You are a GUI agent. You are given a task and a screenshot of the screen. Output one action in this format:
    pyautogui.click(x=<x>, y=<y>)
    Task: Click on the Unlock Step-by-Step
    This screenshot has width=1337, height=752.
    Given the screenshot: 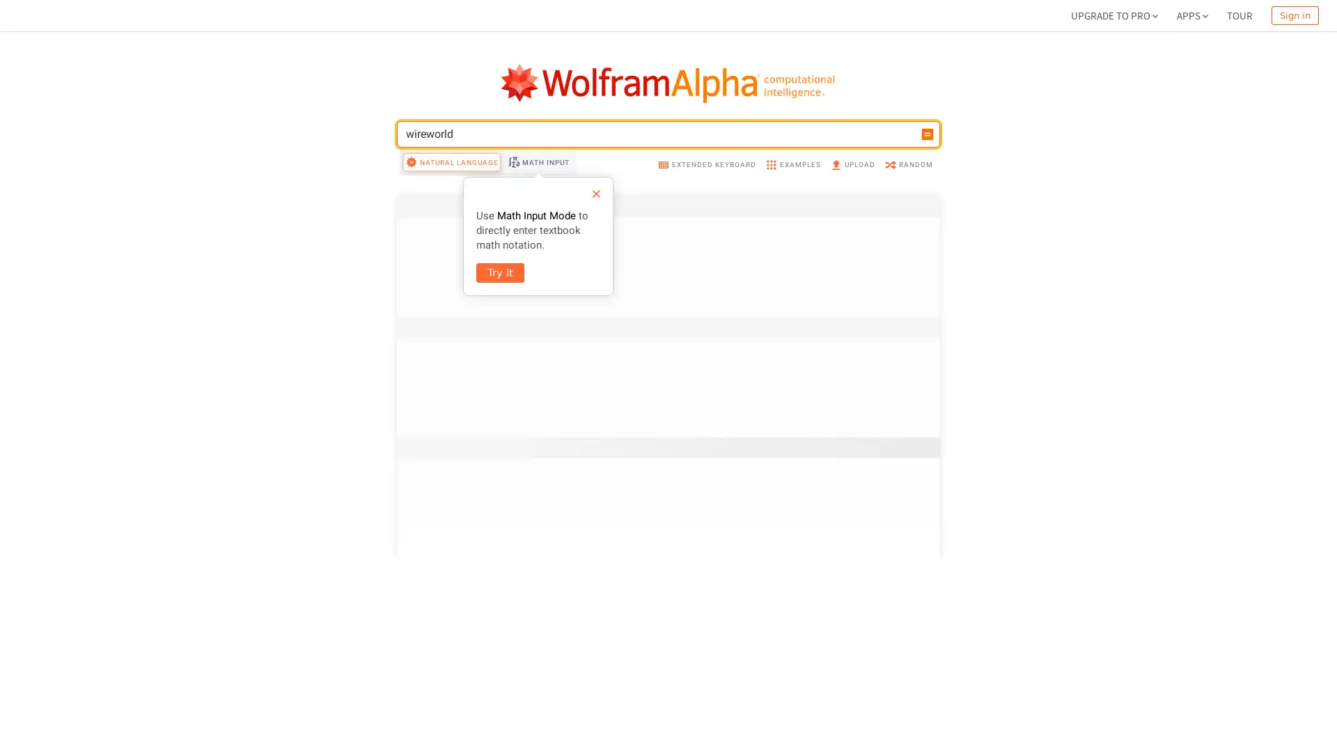 What is the action you would take?
    pyautogui.click(x=497, y=107)
    